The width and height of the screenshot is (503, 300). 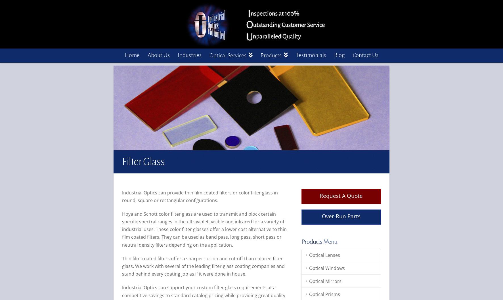 What do you see at coordinates (228, 55) in the screenshot?
I see `'Optical Services'` at bounding box center [228, 55].